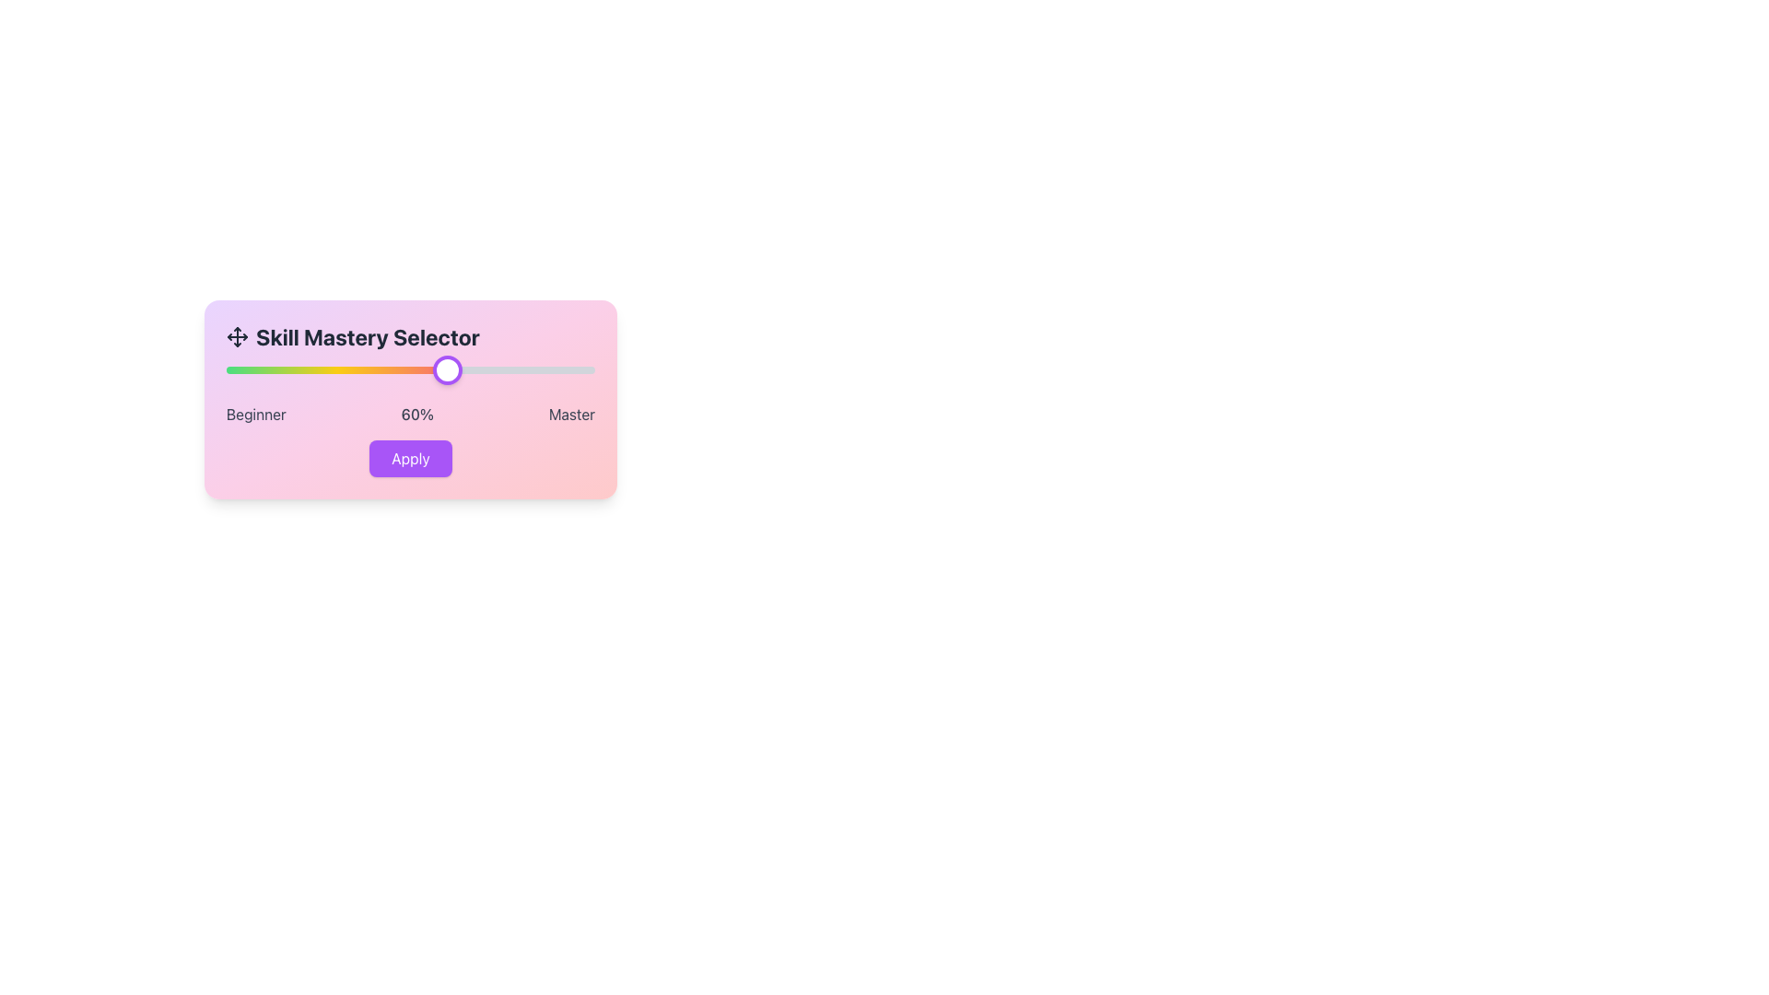 The height and width of the screenshot is (995, 1769). What do you see at coordinates (572, 369) in the screenshot?
I see `the skill mastery level` at bounding box center [572, 369].